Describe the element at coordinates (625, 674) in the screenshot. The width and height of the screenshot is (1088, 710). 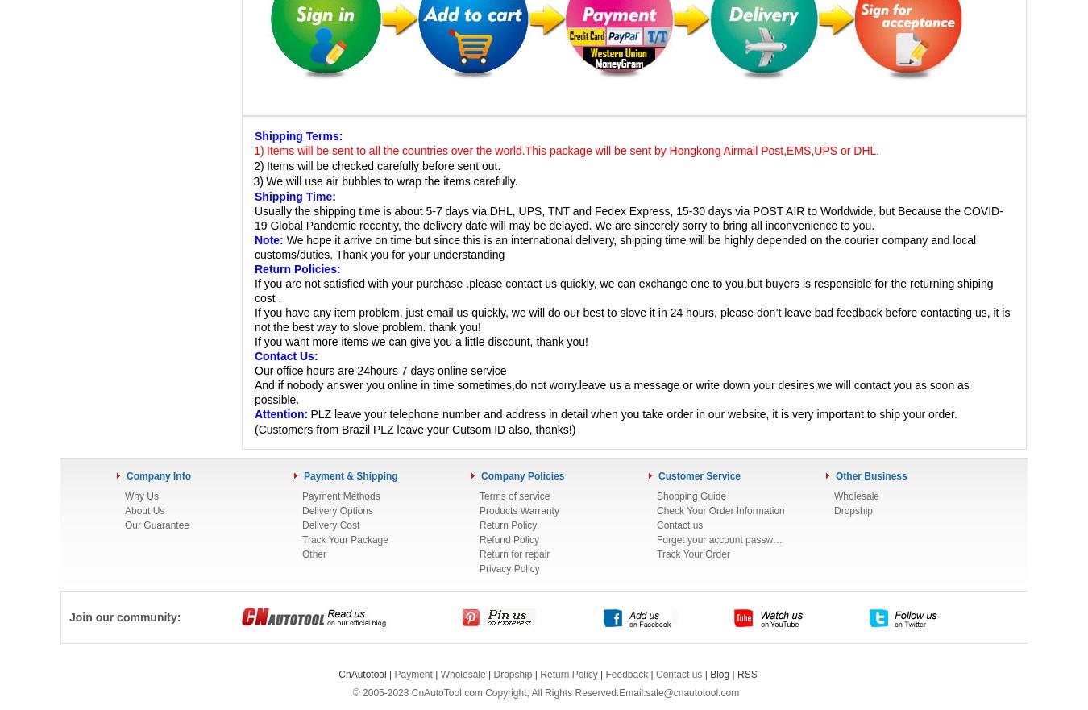
I see `'Feedback'` at that location.